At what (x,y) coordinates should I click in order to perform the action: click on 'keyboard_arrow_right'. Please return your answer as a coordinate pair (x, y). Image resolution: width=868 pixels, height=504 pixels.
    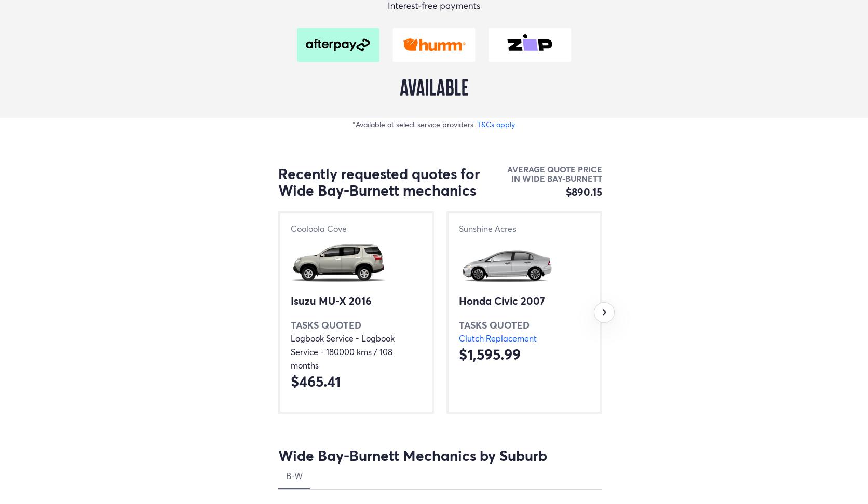
    Looking at the image, I should click on (604, 311).